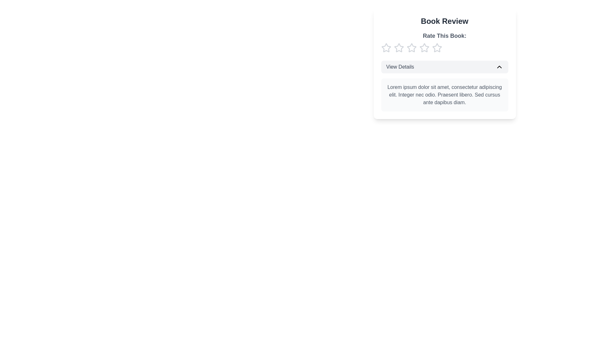 The height and width of the screenshot is (343, 610). I want to click on the first star icon for rating, which is a hollow star-shaped icon in light gray color, located under the subtitle 'Rate This Book:' in the Book Review panel, so click(398, 47).